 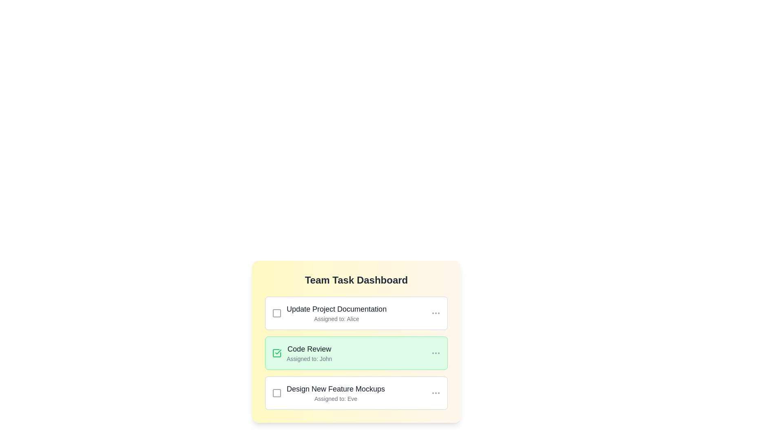 I want to click on the 'More' button for the task 'Code Review', so click(x=436, y=353).